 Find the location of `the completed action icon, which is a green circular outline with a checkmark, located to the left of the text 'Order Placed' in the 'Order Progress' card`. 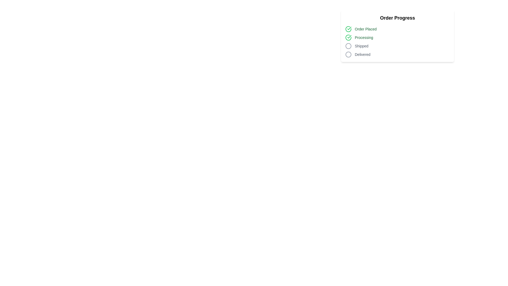

the completed action icon, which is a green circular outline with a checkmark, located to the left of the text 'Order Placed' in the 'Order Progress' card is located at coordinates (348, 29).